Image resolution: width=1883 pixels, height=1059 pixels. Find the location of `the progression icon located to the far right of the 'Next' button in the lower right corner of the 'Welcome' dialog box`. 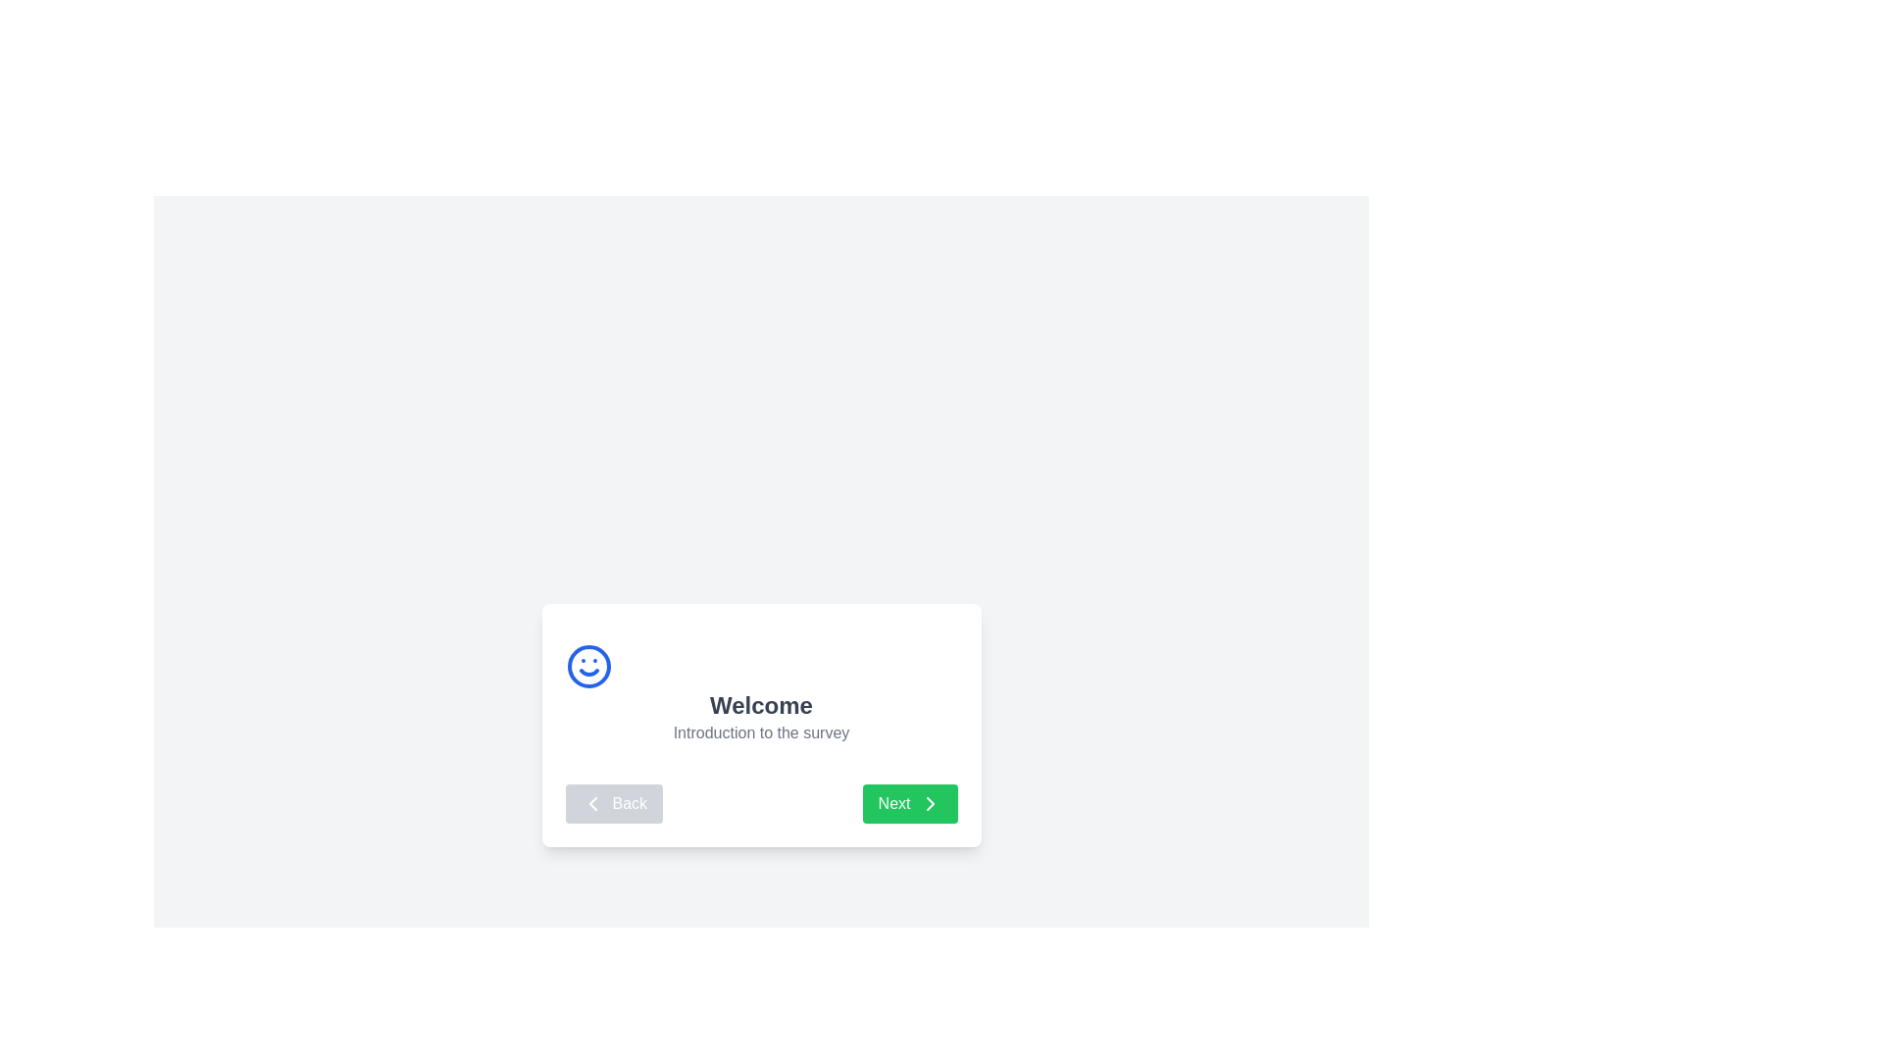

the progression icon located to the far right of the 'Next' button in the lower right corner of the 'Welcome' dialog box is located at coordinates (929, 804).